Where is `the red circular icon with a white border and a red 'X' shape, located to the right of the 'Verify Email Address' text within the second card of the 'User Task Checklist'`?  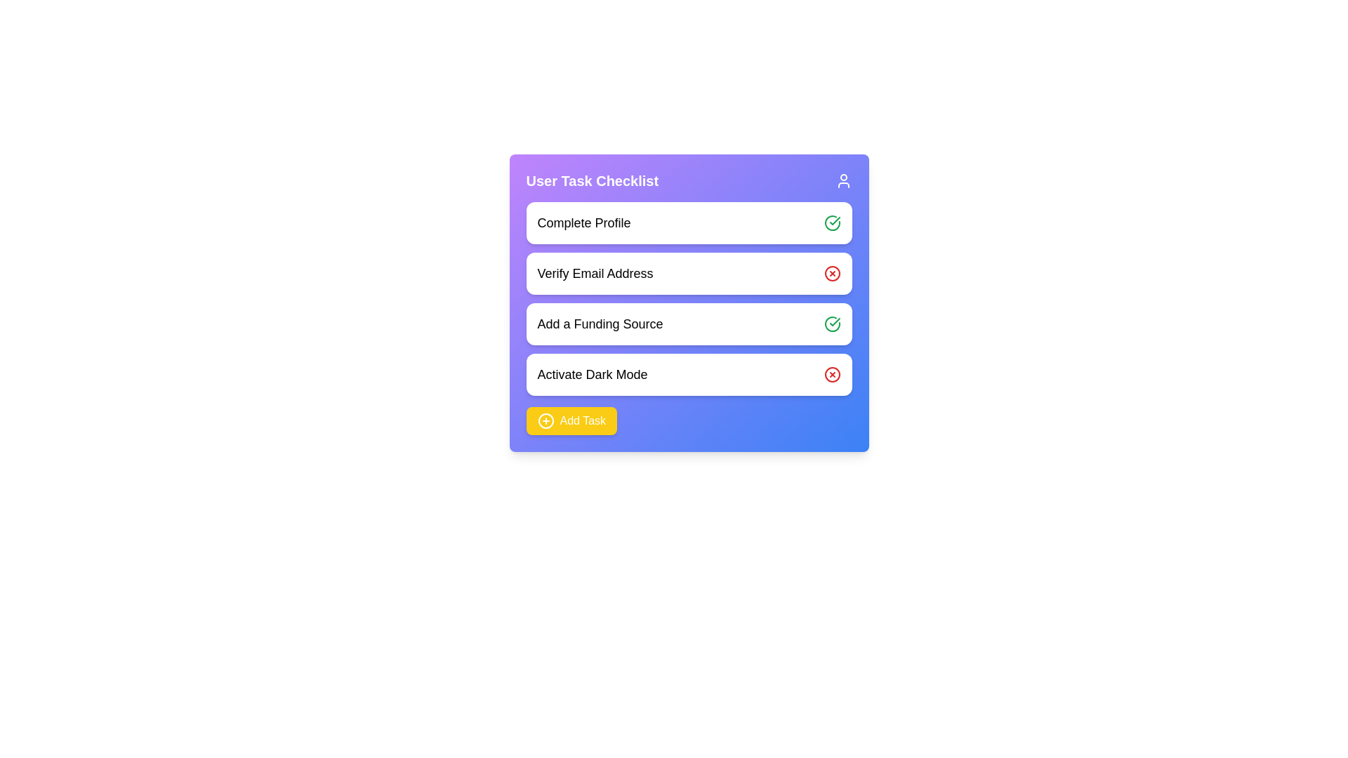
the red circular icon with a white border and a red 'X' shape, located to the right of the 'Verify Email Address' text within the second card of the 'User Task Checklist' is located at coordinates (832, 273).